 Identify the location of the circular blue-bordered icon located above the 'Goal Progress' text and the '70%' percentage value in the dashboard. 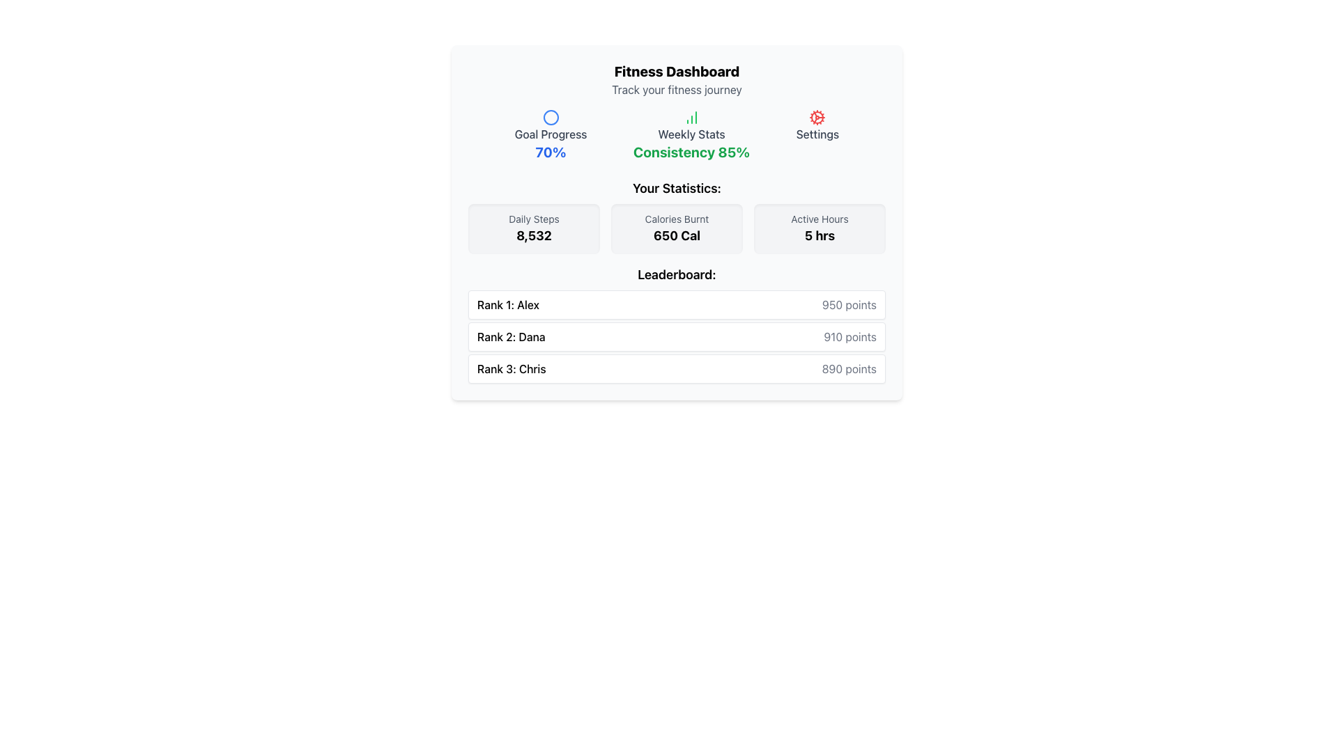
(550, 117).